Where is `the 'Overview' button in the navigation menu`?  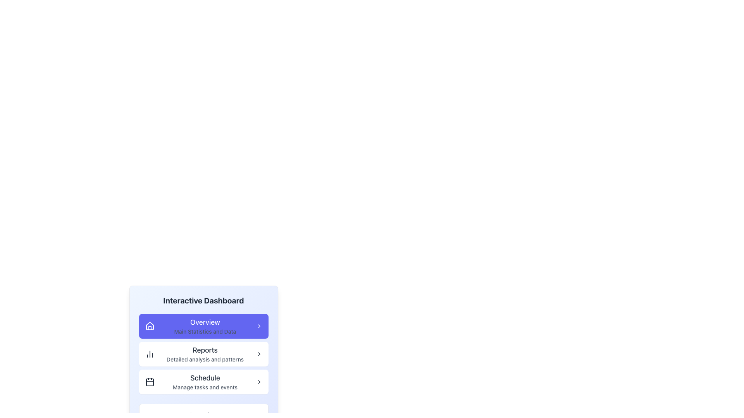
the 'Overview' button in the navigation menu is located at coordinates (203, 326).